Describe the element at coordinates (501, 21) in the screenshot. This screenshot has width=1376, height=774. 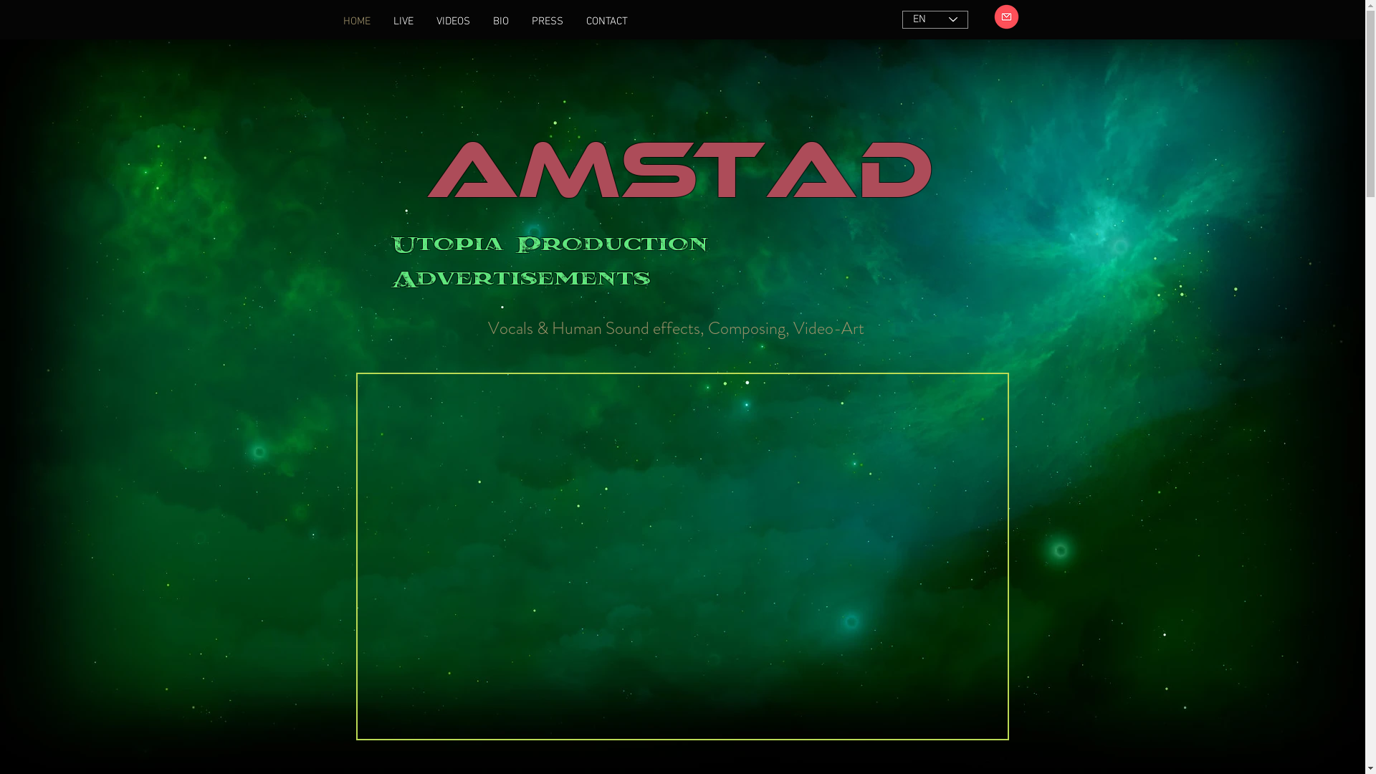
I see `'BIO'` at that location.